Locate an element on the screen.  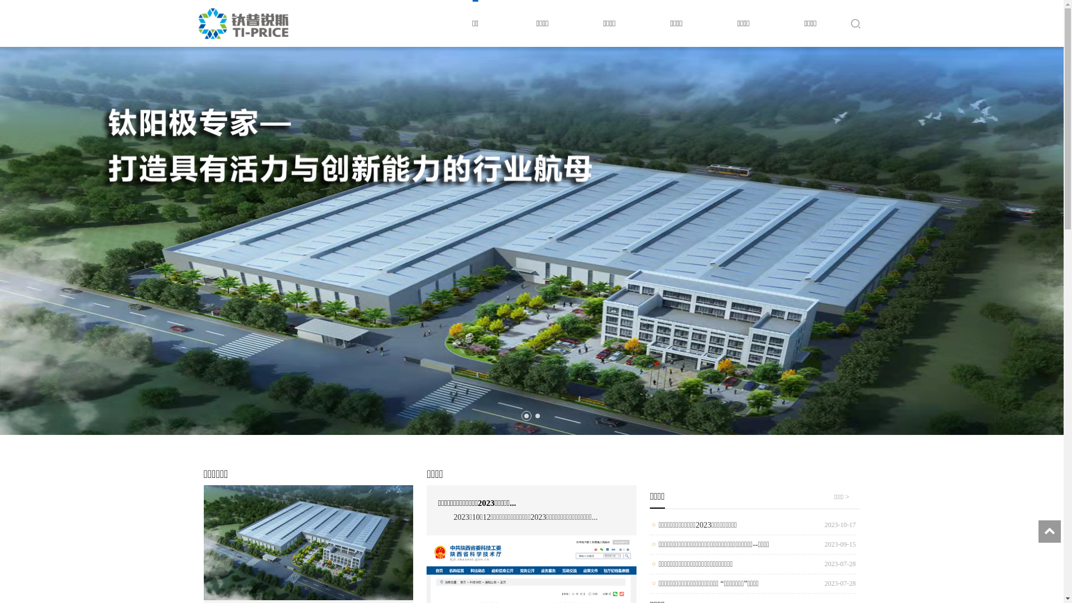
'2' is located at coordinates (537, 415).